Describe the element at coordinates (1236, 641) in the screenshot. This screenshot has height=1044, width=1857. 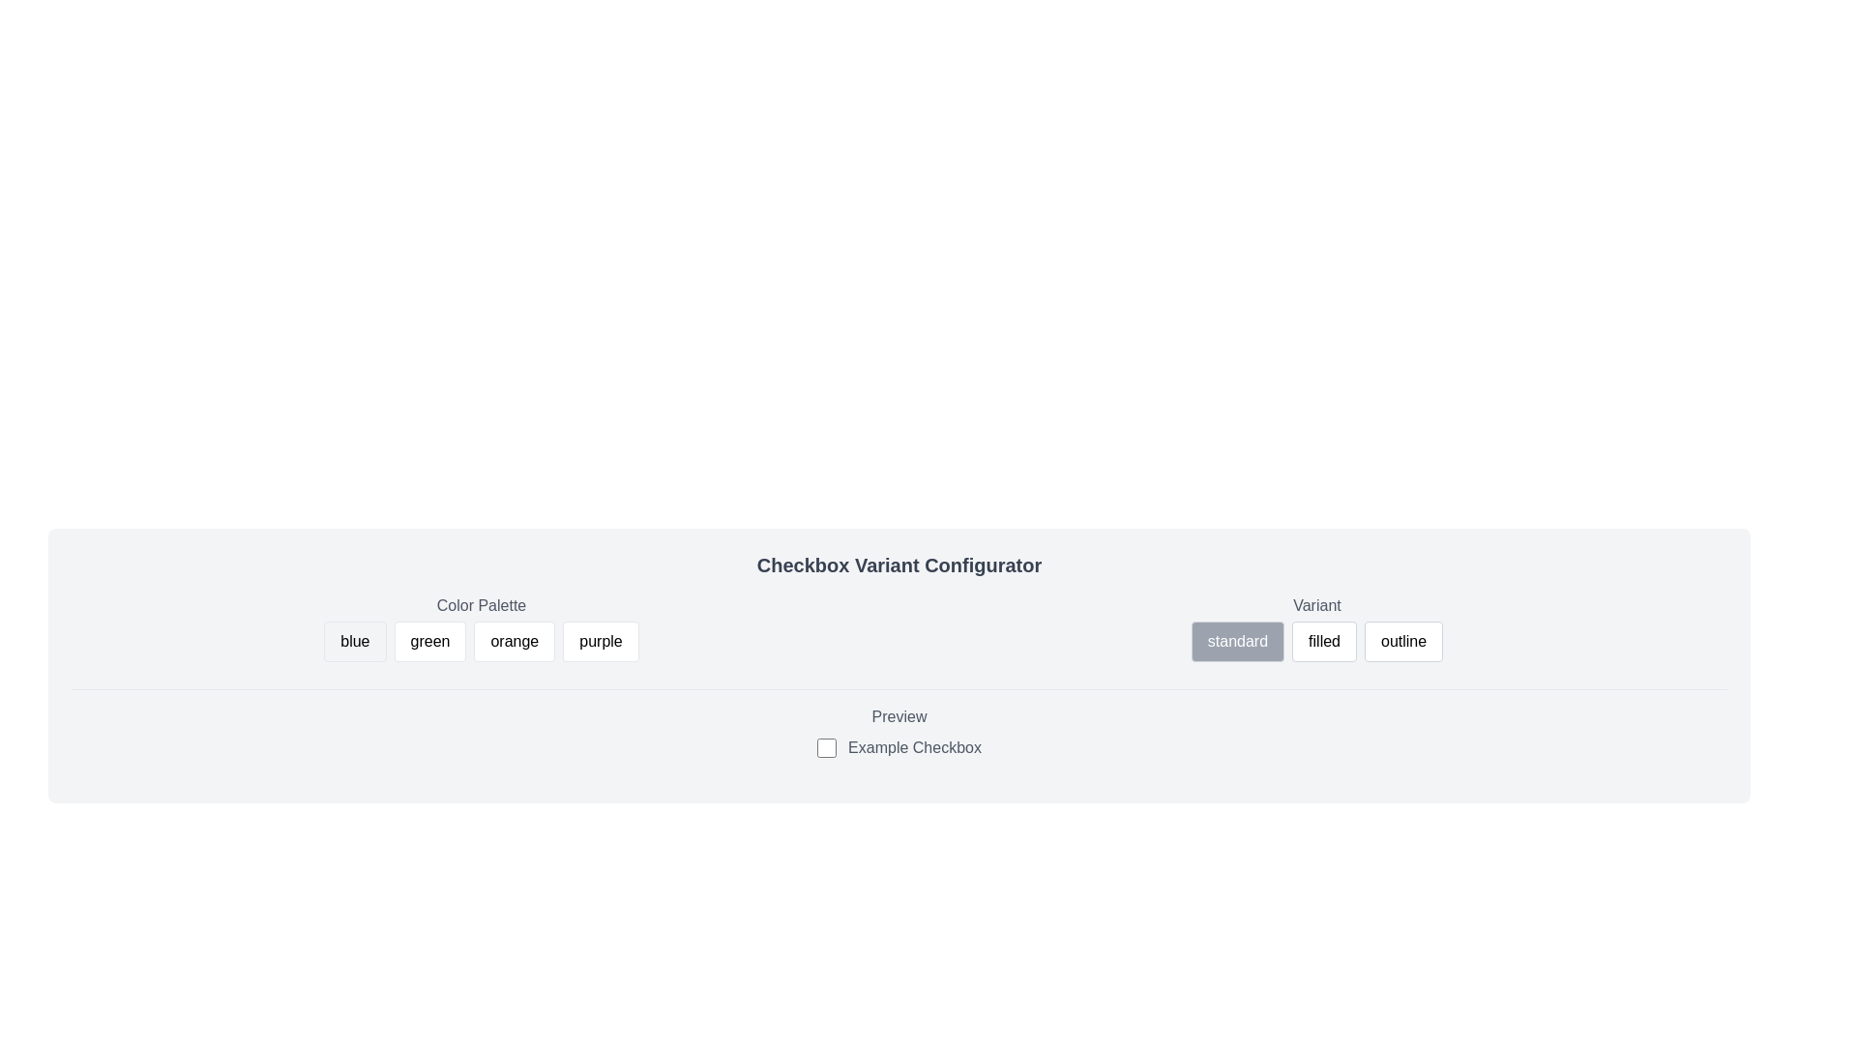
I see `the 'standard' variant button located in the 'Variant' section of the user interface` at that location.